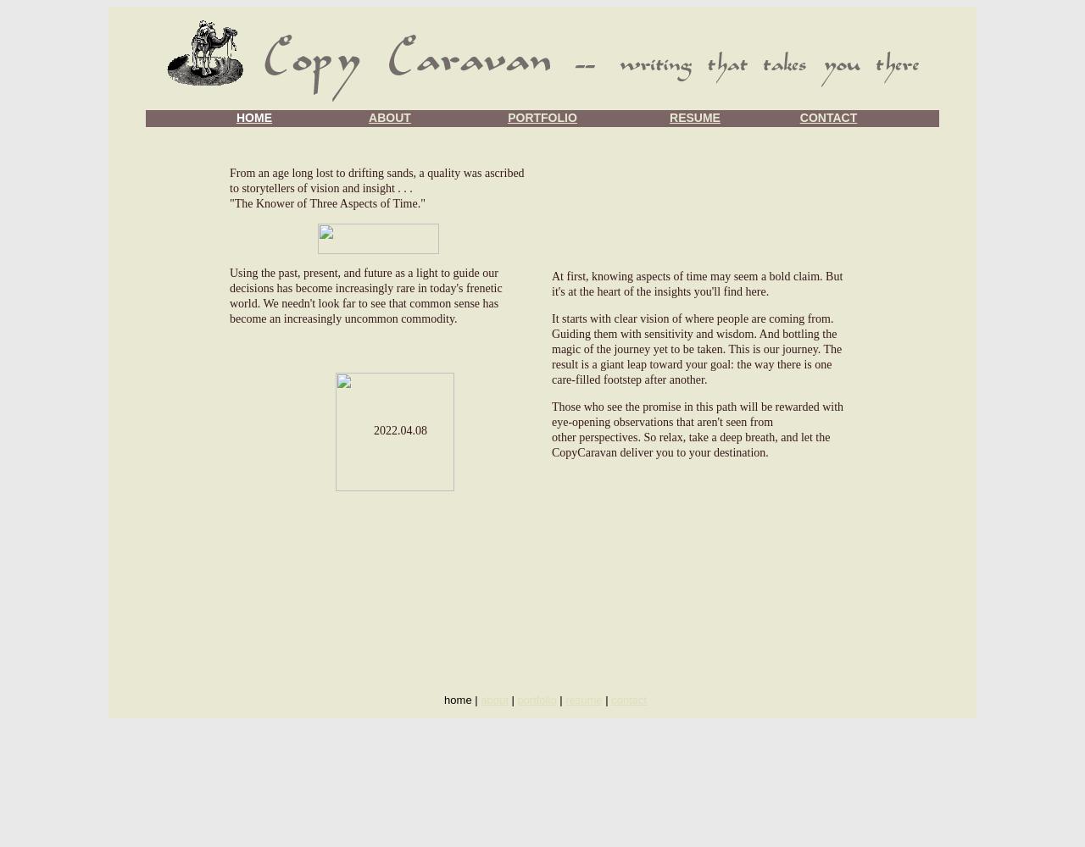  Describe the element at coordinates (694, 118) in the screenshot. I see `'RESUME'` at that location.